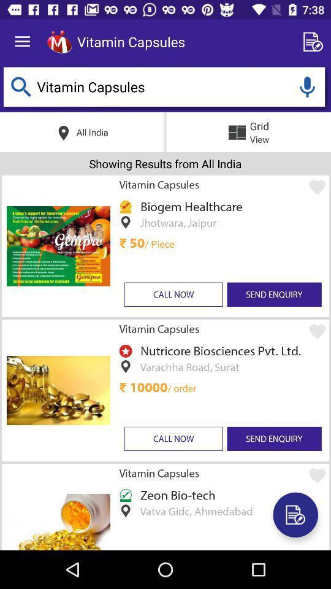  I want to click on the icon next to the vitamin capsules, so click(315, 42).